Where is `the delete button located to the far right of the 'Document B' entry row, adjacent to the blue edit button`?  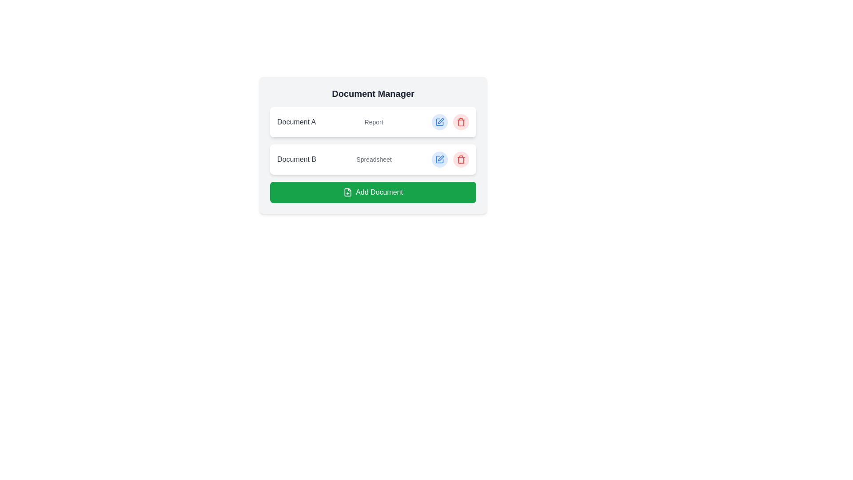
the delete button located to the far right of the 'Document B' entry row, adjacent to the blue edit button is located at coordinates (461, 159).